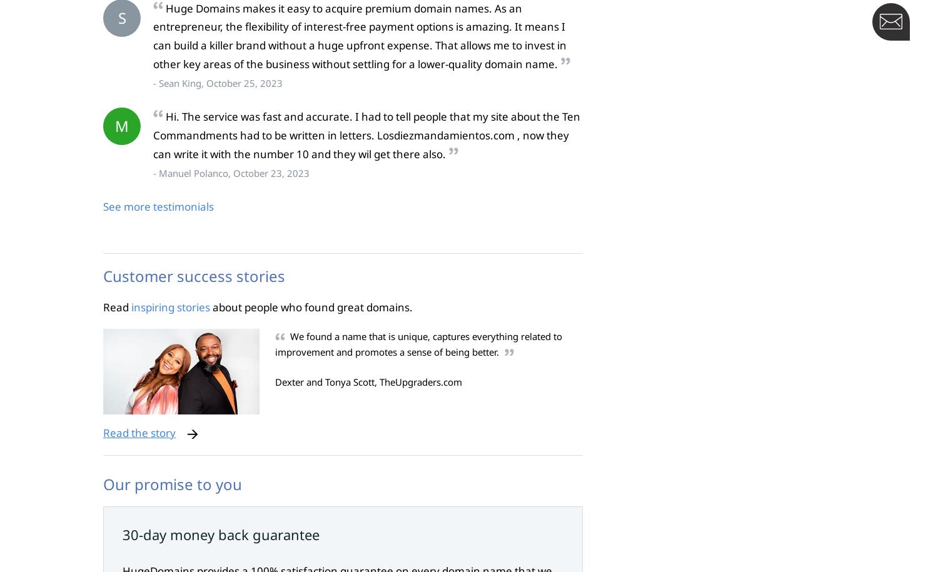 Image resolution: width=938 pixels, height=572 pixels. What do you see at coordinates (359, 35) in the screenshot?
I see `'Huge Domains makes it easy to acquire premium domain names. As an entrepreneur, the flexibility of interest-free payment options is amazing. It means I can build a killer brand without a huge upfront expense. That allows me to invest in other key areas of the business without settling for a lower-quality domain name.'` at bounding box center [359, 35].